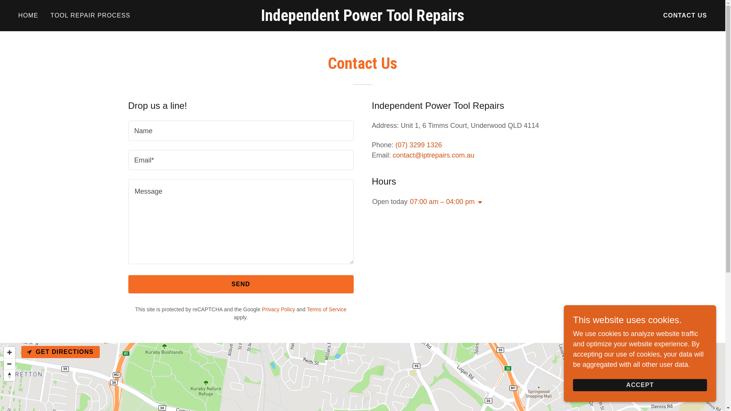 This screenshot has height=411, width=731. What do you see at coordinates (418, 145) in the screenshot?
I see `'(07) 3299 1326'` at bounding box center [418, 145].